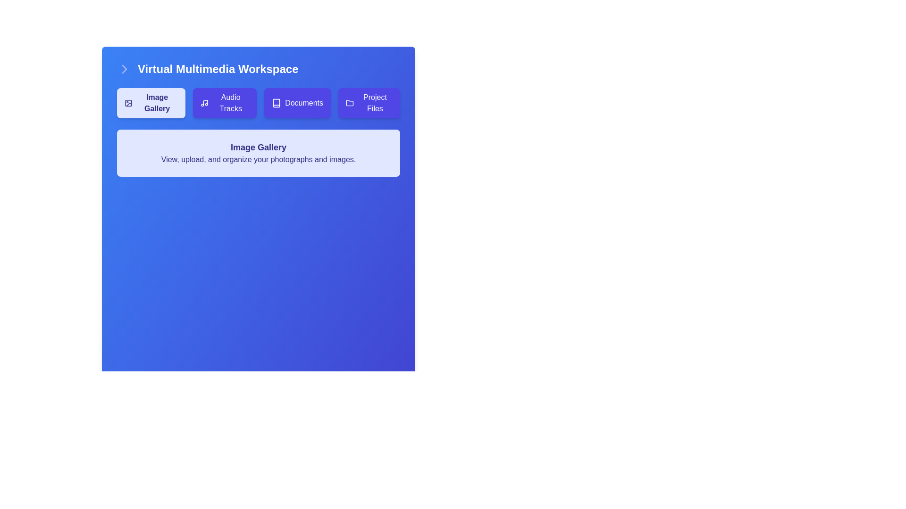 This screenshot has height=509, width=906. I want to click on the 'Image Gallery' button, represented by an SVG icon in the top left area of the interface below the header 'Virtual Multimedia Workspace', so click(128, 103).